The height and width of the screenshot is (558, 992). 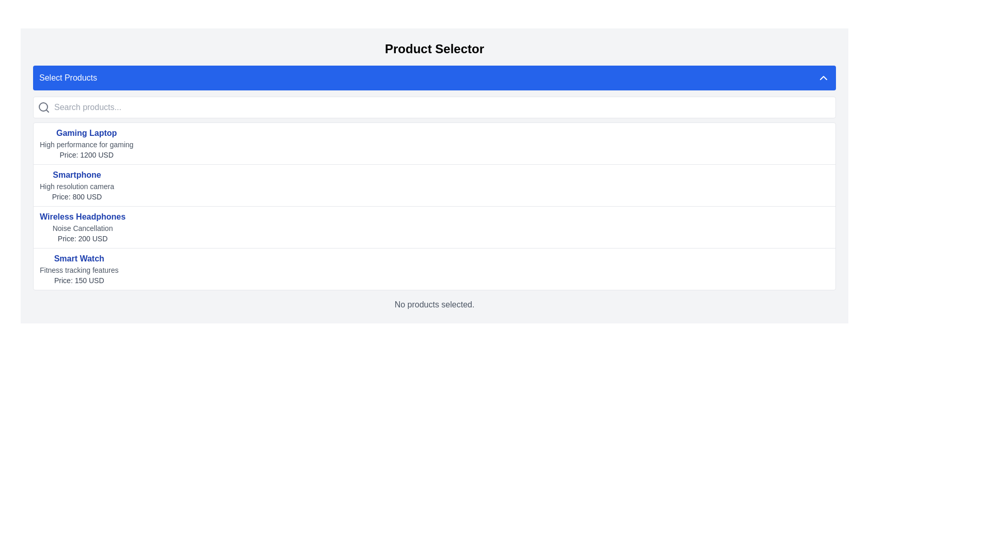 I want to click on the 'Smart Watch' text label, which is displayed in bold blue font at the top of a product listing interface, so click(x=79, y=258).